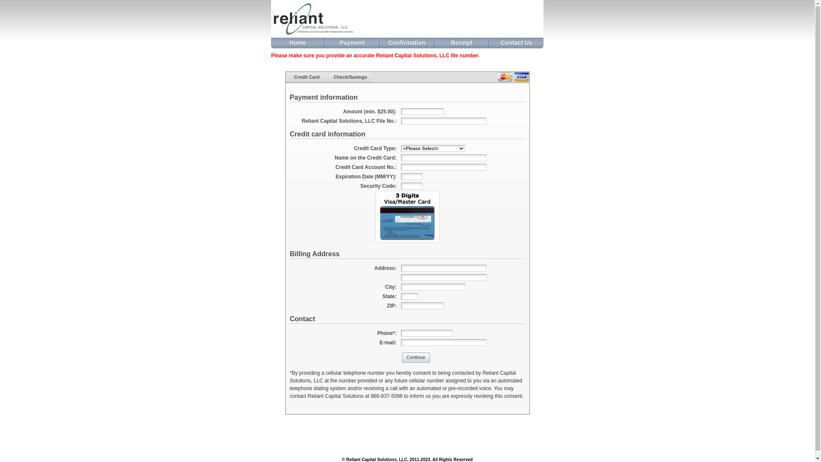 This screenshot has height=462, width=821. Describe the element at coordinates (298, 43) in the screenshot. I see `'Home'` at that location.